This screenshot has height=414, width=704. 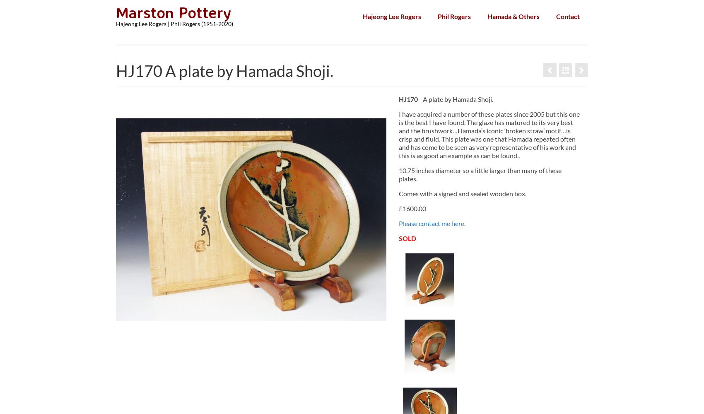 I want to click on 'HJ170', so click(x=398, y=99).